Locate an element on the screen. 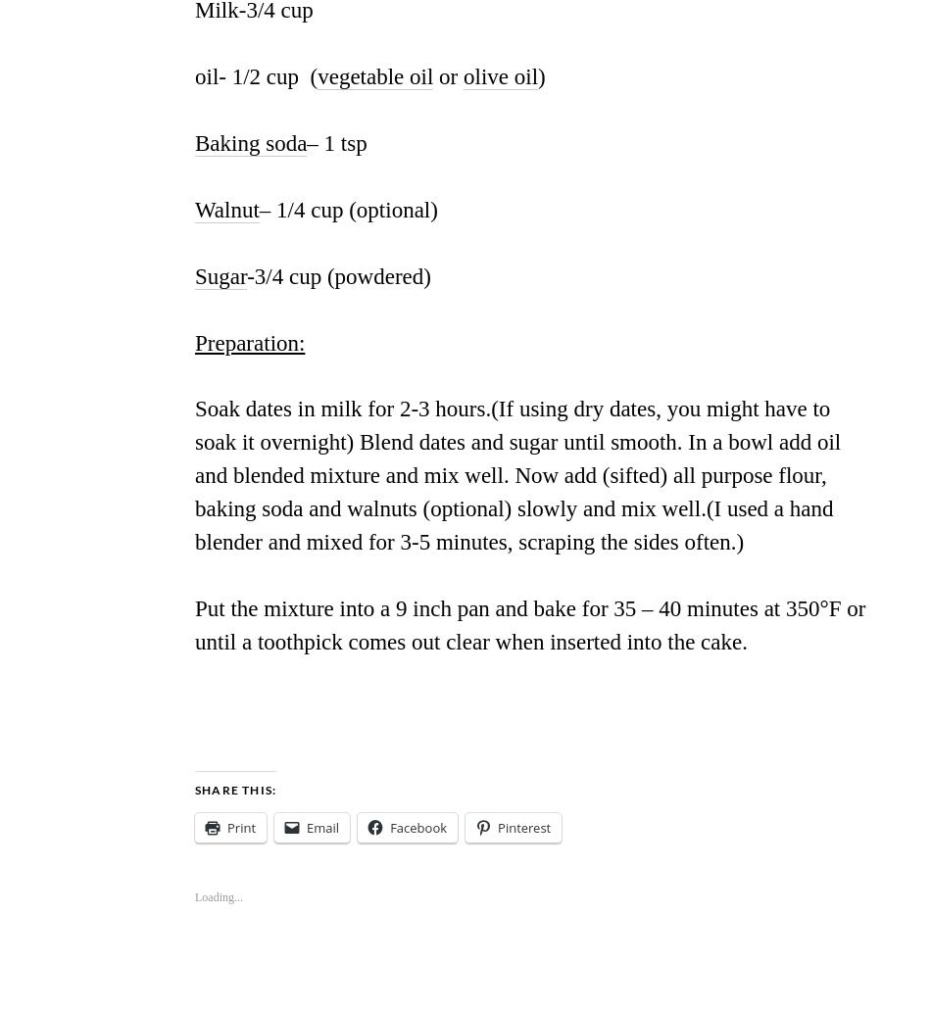 Image resolution: width=931 pixels, height=1011 pixels. 'Pinterest' is located at coordinates (524, 828).